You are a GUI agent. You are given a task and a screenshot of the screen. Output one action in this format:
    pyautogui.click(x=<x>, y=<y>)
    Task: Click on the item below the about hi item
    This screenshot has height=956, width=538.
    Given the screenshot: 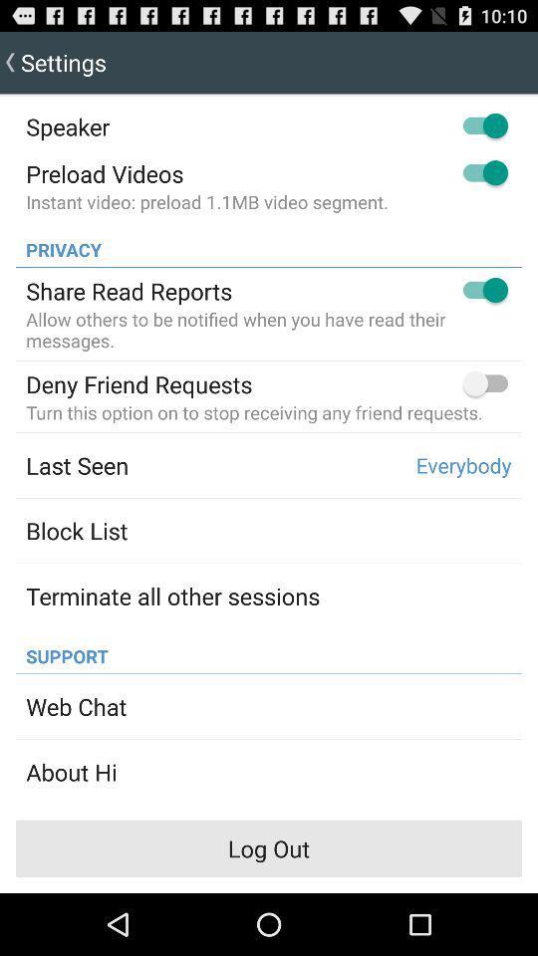 What is the action you would take?
    pyautogui.click(x=269, y=847)
    